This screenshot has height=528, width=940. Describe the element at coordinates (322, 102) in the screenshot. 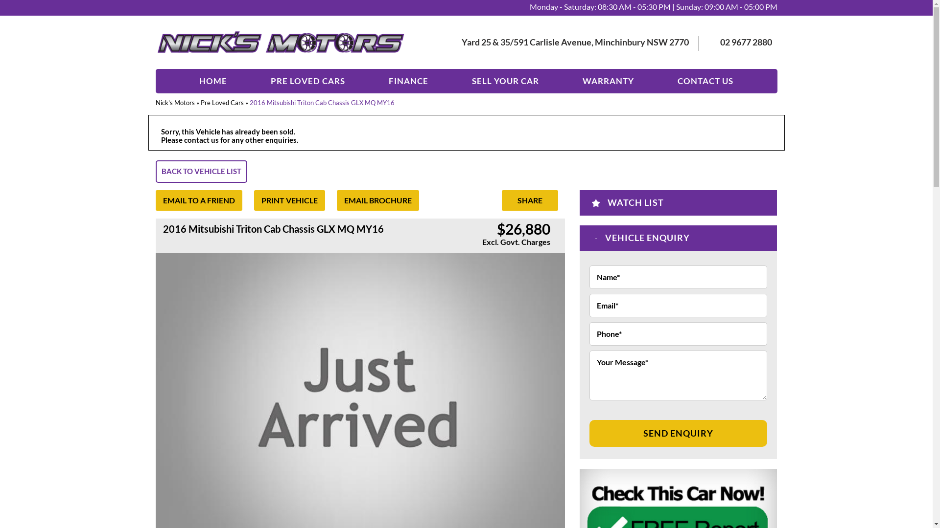

I see `'2016 Mitsubishi Triton Cab Chassis GLX MQ MY16'` at that location.